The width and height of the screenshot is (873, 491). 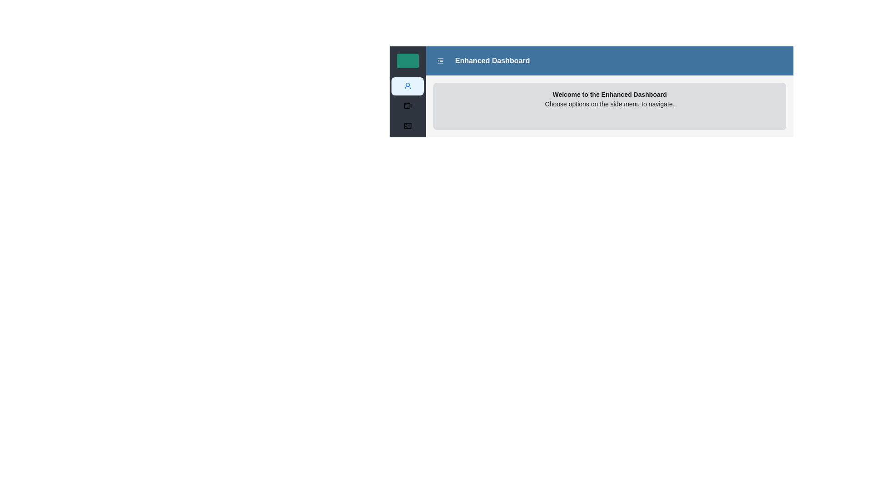 I want to click on the 'Profile' button in the vertical sidebar on the left side of the page, so click(x=407, y=91).